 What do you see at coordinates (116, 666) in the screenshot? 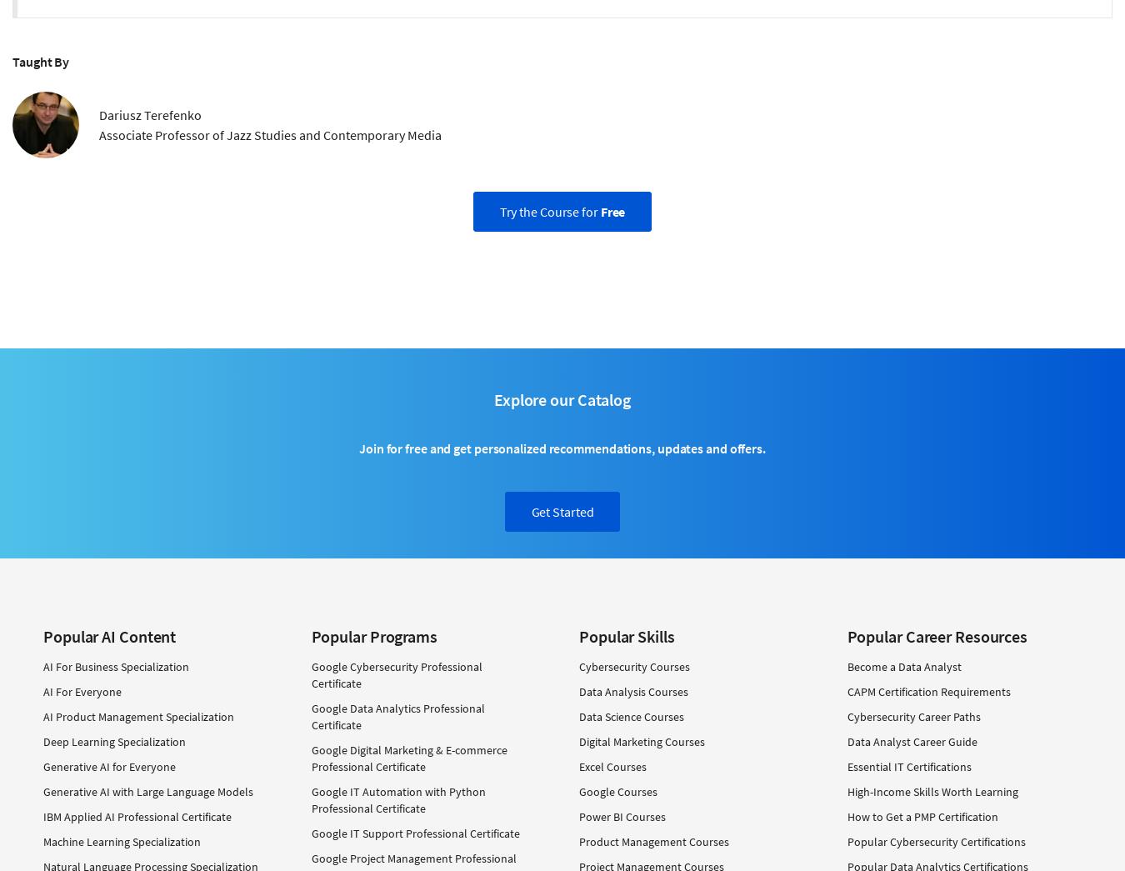
I see `'AI For Business Specialization'` at bounding box center [116, 666].